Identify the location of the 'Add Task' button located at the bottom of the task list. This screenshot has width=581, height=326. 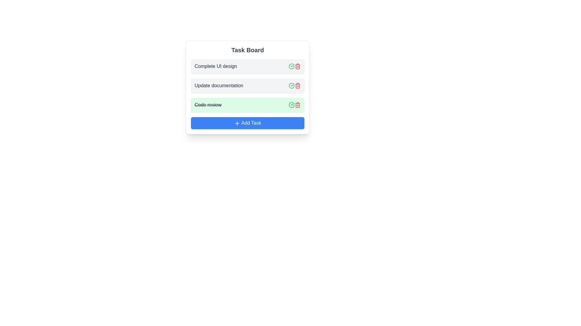
(248, 123).